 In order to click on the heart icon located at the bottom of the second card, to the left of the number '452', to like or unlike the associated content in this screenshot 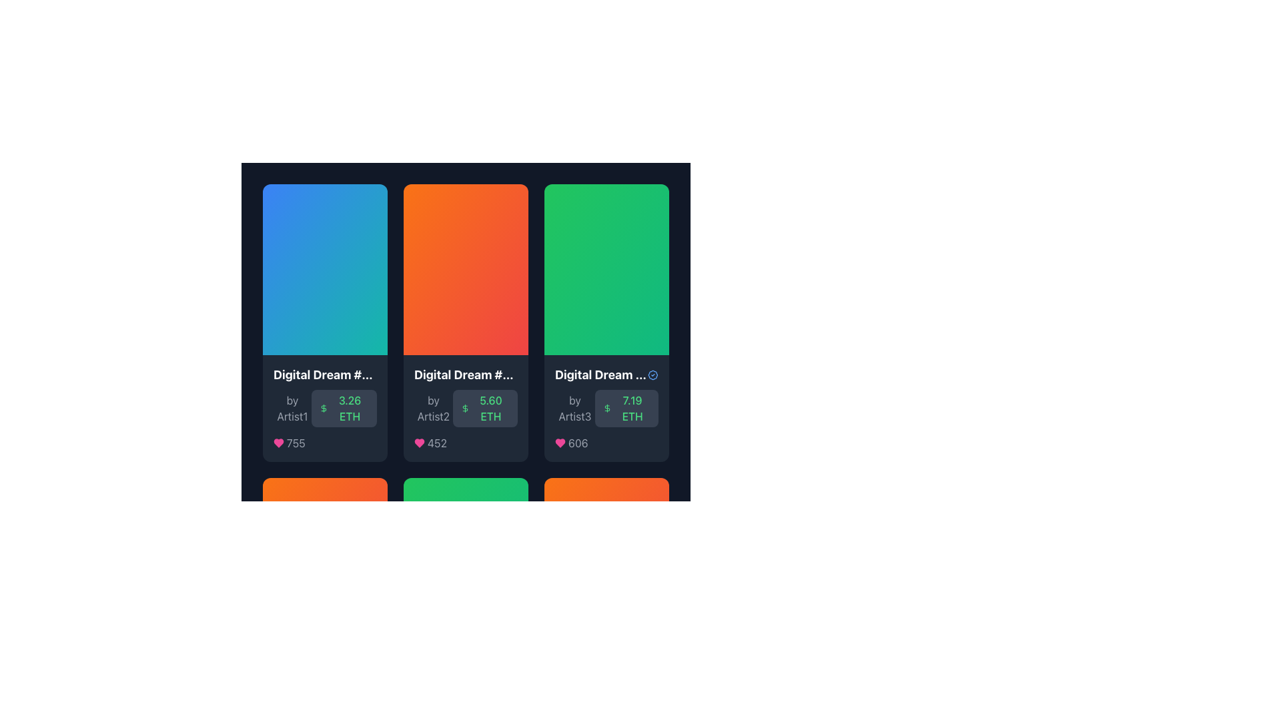, I will do `click(278, 443)`.